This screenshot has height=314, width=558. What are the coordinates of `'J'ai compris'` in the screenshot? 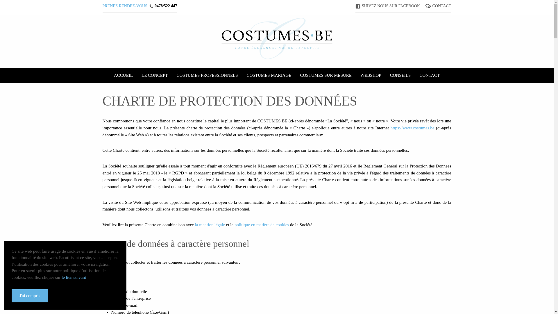 It's located at (29, 296).